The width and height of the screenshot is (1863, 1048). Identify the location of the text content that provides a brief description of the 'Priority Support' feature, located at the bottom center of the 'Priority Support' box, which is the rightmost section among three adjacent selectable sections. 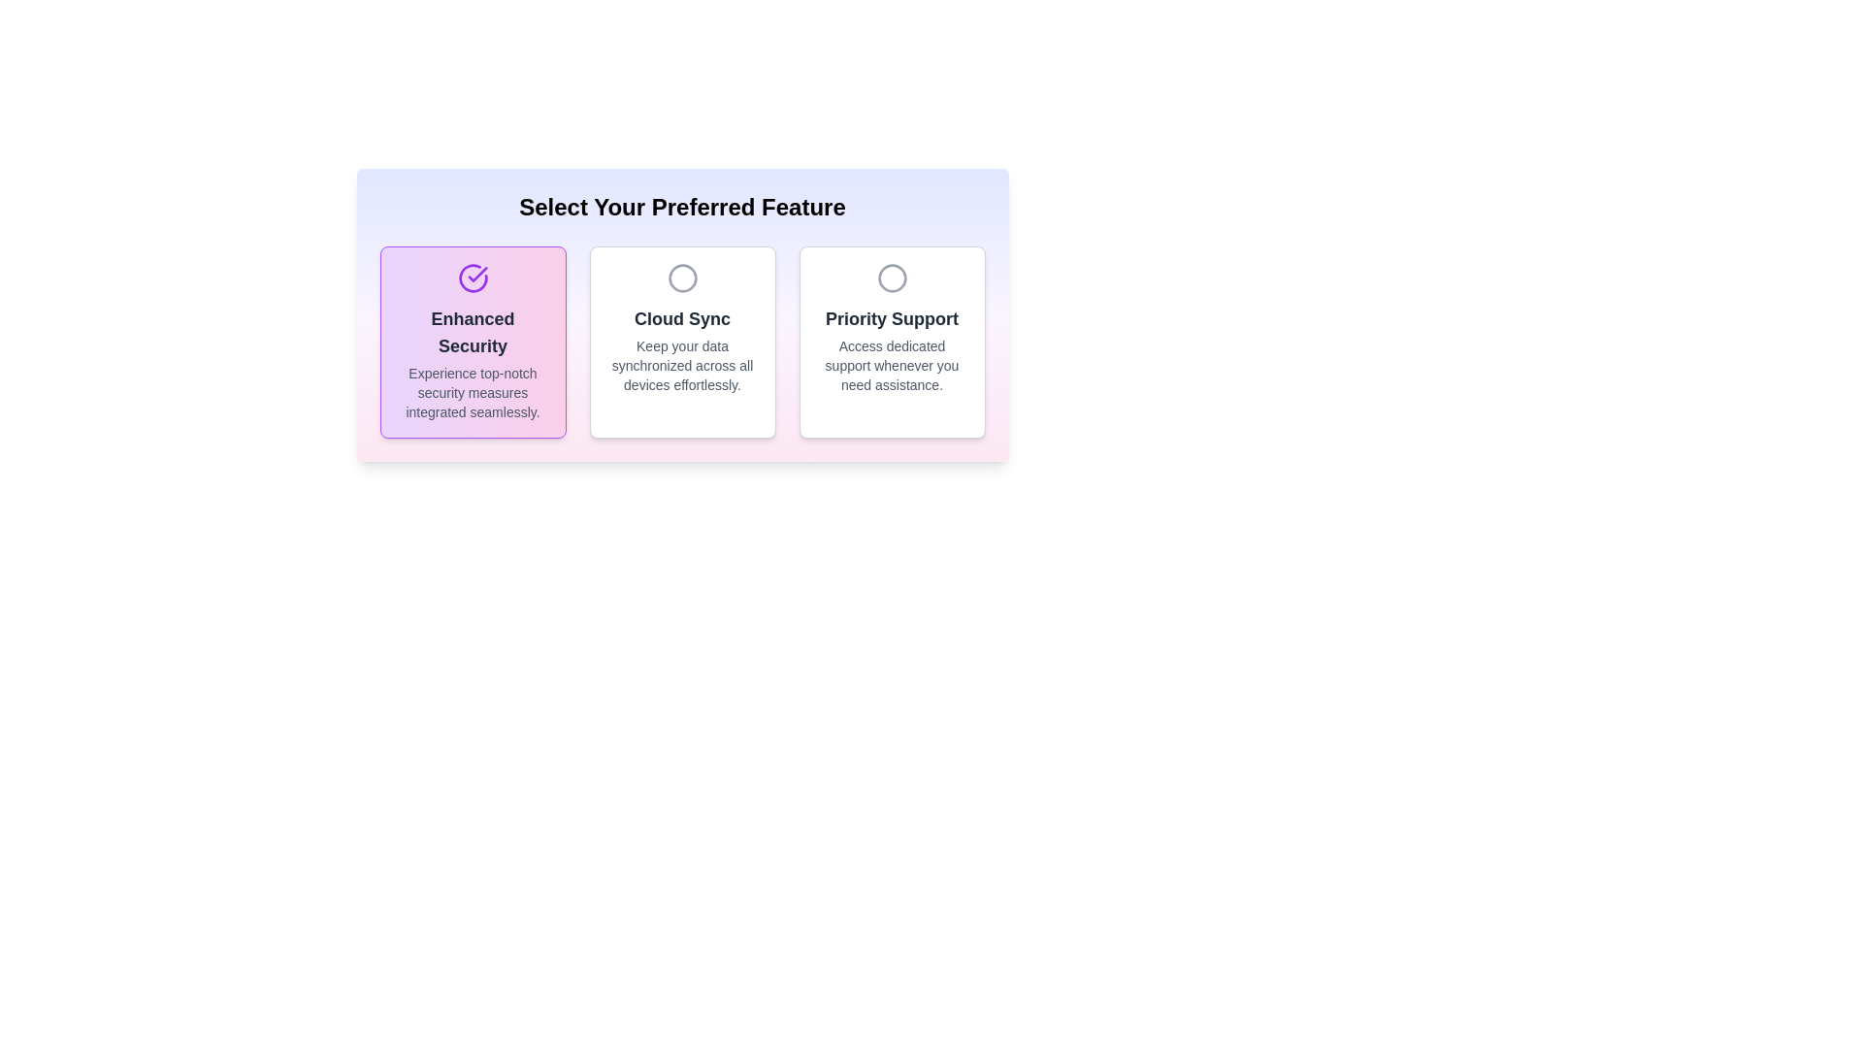
(891, 366).